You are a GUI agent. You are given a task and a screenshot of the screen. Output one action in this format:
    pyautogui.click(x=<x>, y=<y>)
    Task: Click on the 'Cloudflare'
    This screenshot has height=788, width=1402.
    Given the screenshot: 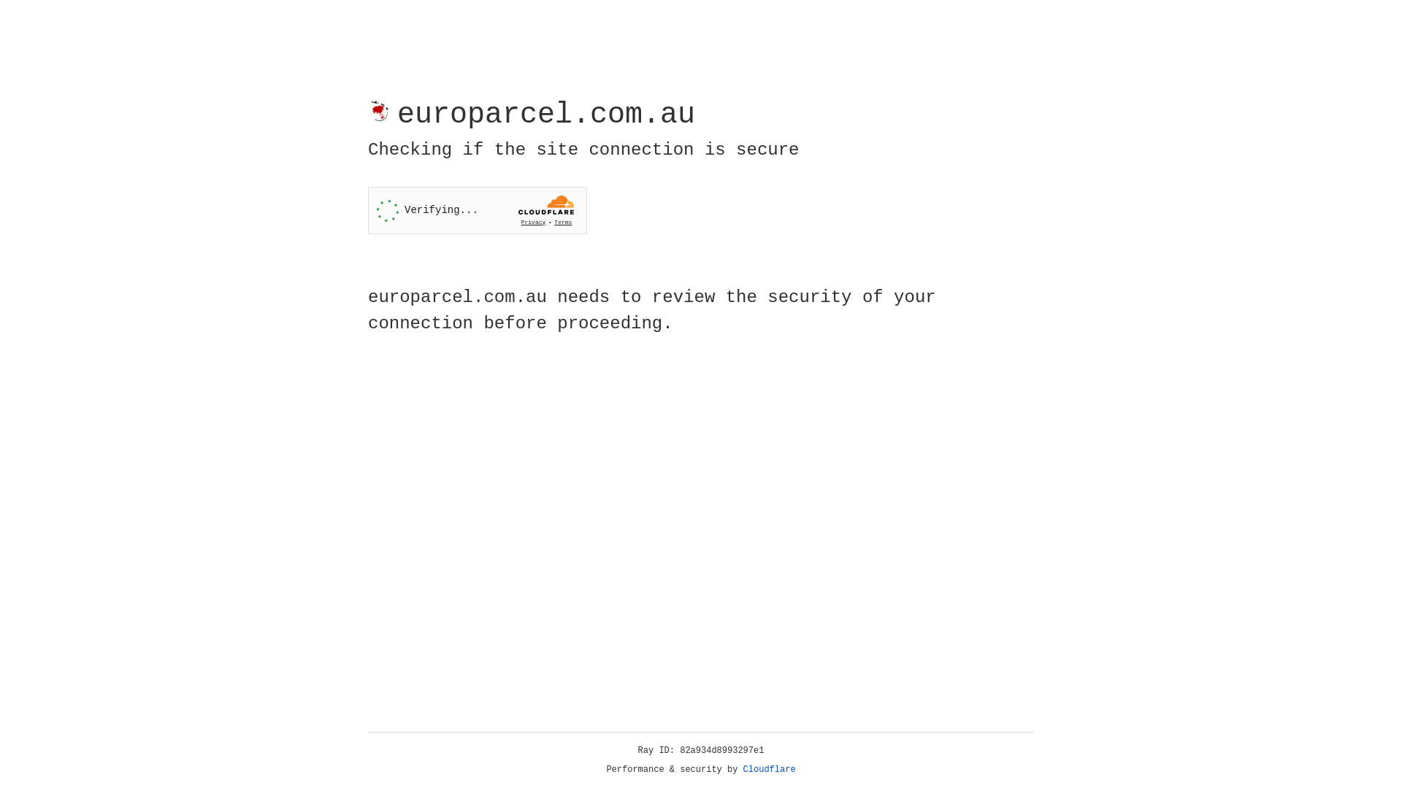 What is the action you would take?
    pyautogui.click(x=769, y=769)
    